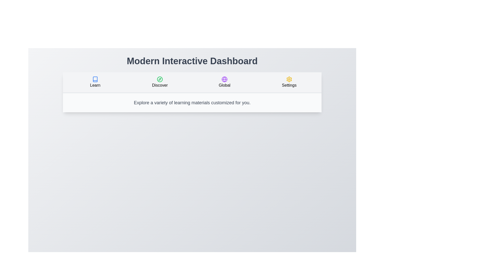 The height and width of the screenshot is (272, 485). I want to click on the 'Settings' text label located in the top navigation panel, so click(289, 85).